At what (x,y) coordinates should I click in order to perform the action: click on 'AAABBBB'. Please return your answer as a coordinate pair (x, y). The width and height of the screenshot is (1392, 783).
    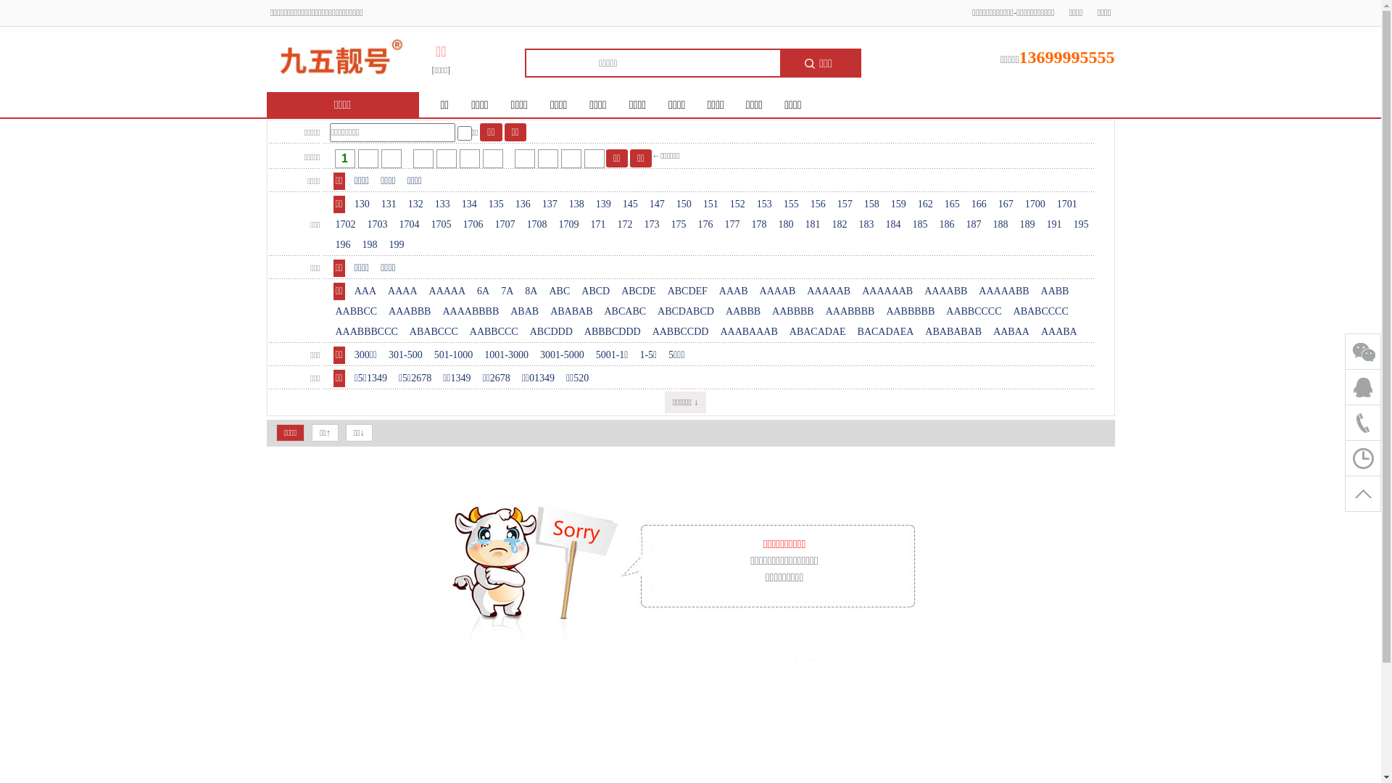
    Looking at the image, I should click on (850, 310).